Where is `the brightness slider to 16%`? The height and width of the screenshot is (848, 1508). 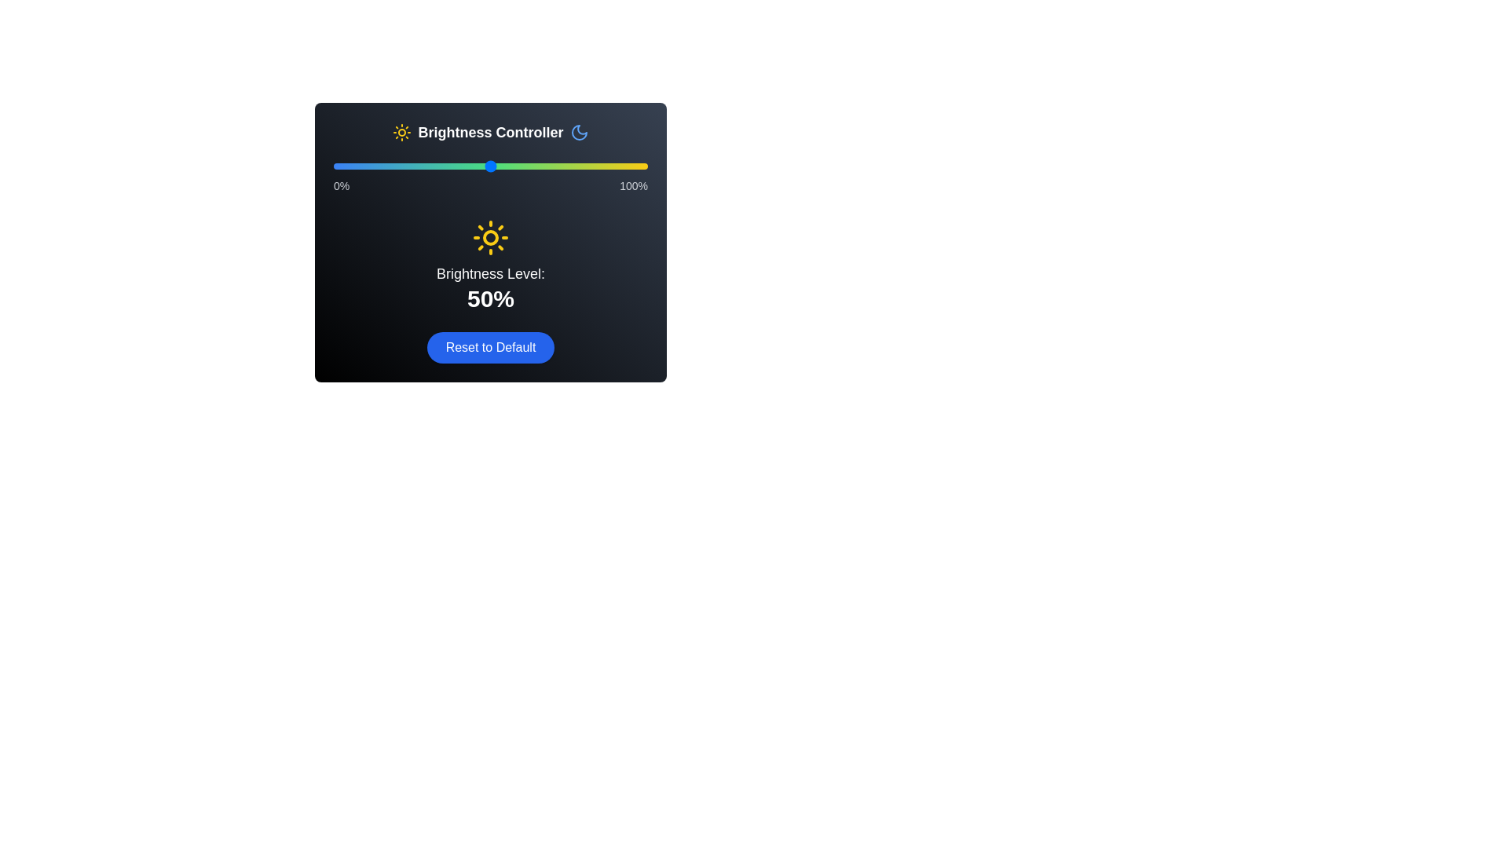 the brightness slider to 16% is located at coordinates (384, 166).